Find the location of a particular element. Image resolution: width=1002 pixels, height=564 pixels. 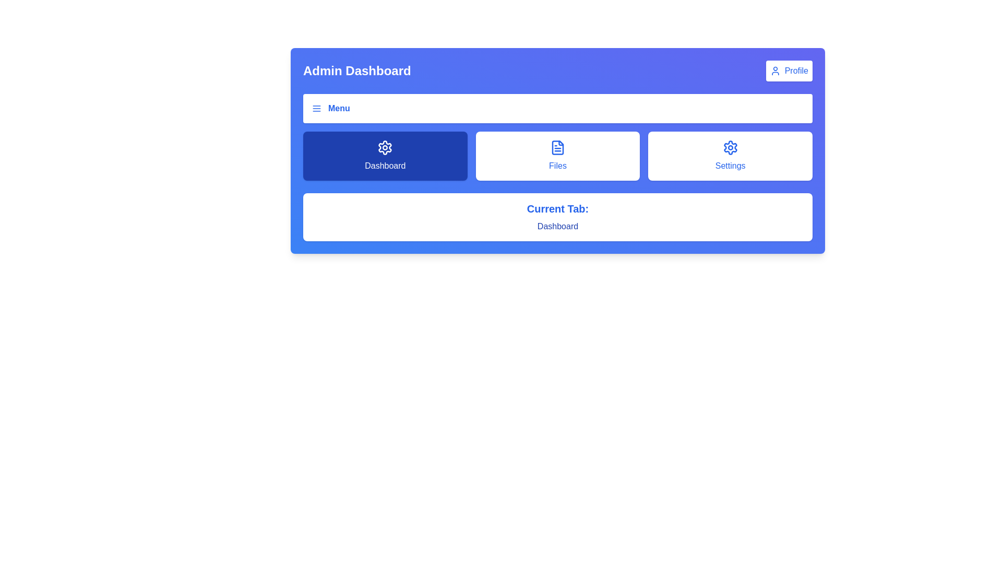

the navigational button located in the top row of three elements to switch to the 'Dashboard' section is located at coordinates (385, 156).